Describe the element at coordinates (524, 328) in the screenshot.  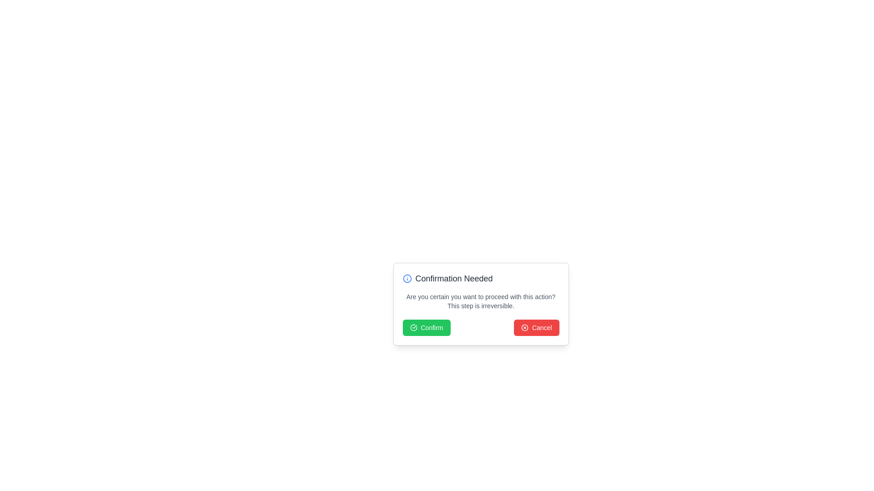
I see `the 'Cancel' button located in the bottom-right corner of the dialog box, which contains the cancellation icon` at that location.